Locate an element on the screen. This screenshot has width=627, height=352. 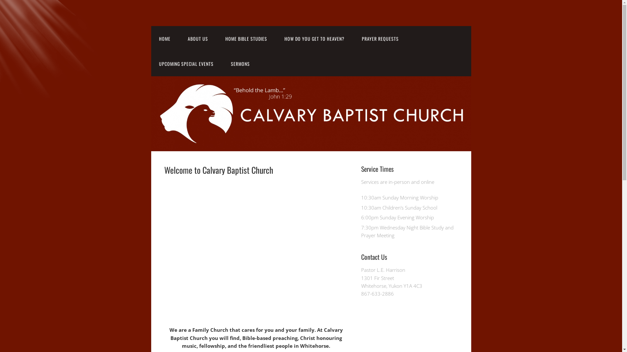
'ABOUT US' is located at coordinates (197, 38).